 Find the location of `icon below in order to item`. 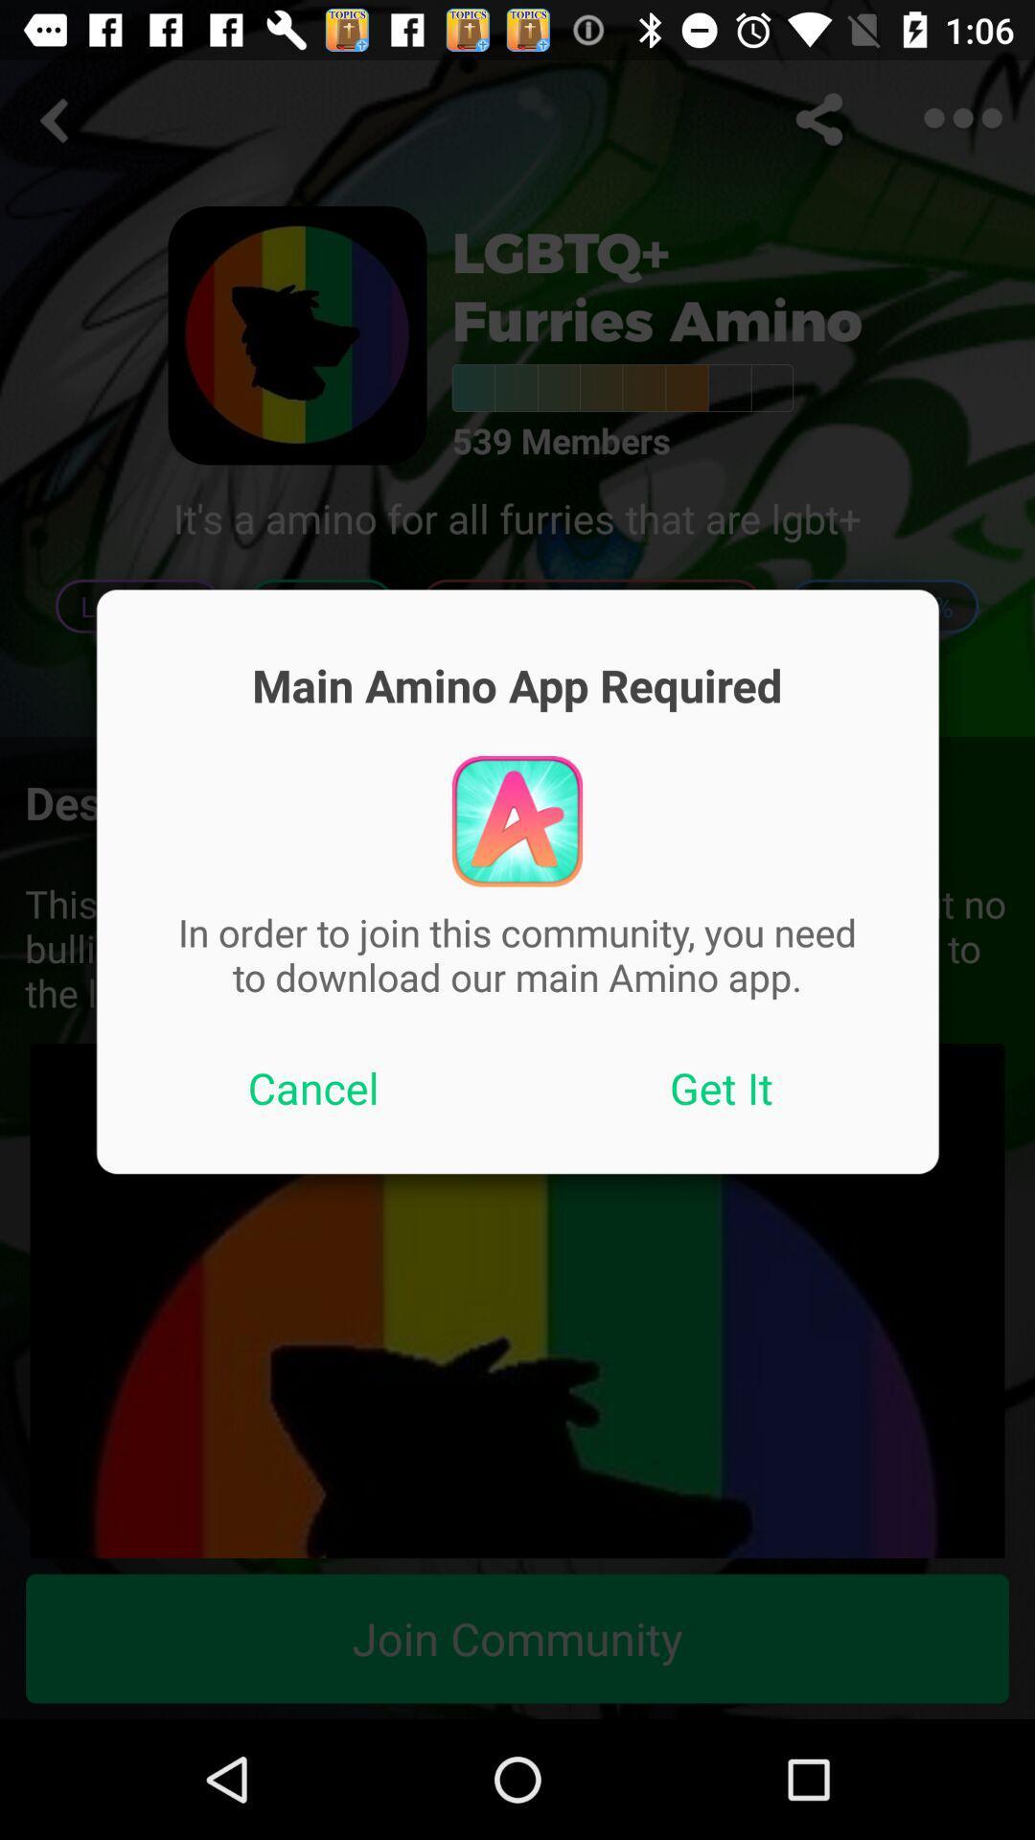

icon below in order to item is located at coordinates (722, 1088).